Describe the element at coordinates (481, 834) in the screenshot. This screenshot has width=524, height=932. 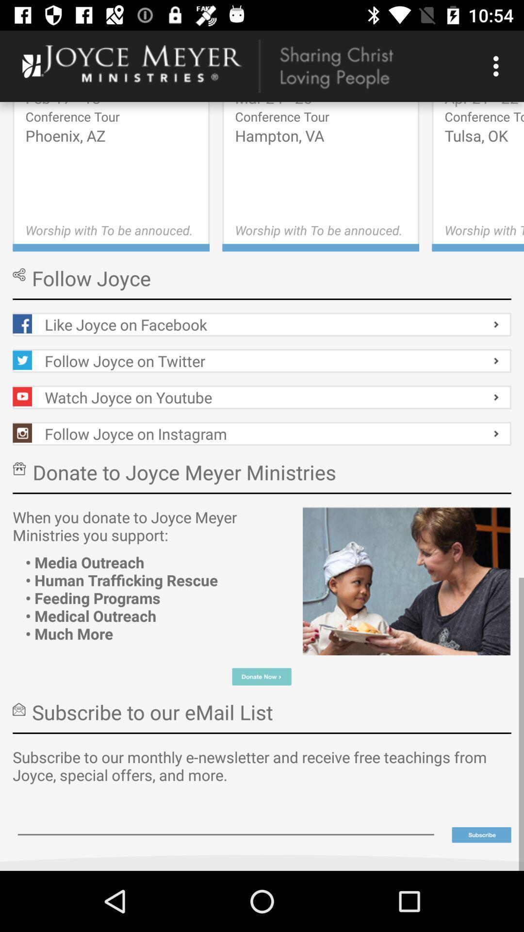
I see `the more icon` at that location.